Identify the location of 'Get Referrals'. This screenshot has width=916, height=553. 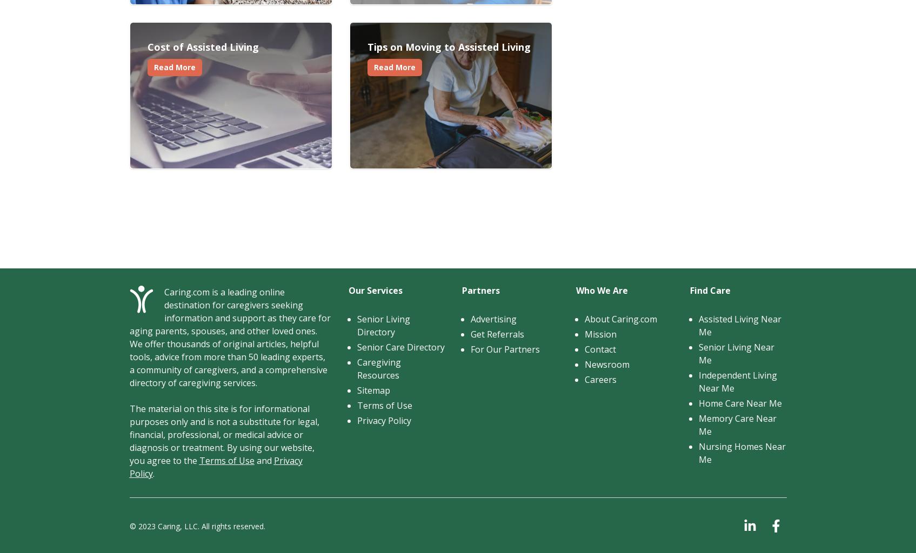
(497, 334).